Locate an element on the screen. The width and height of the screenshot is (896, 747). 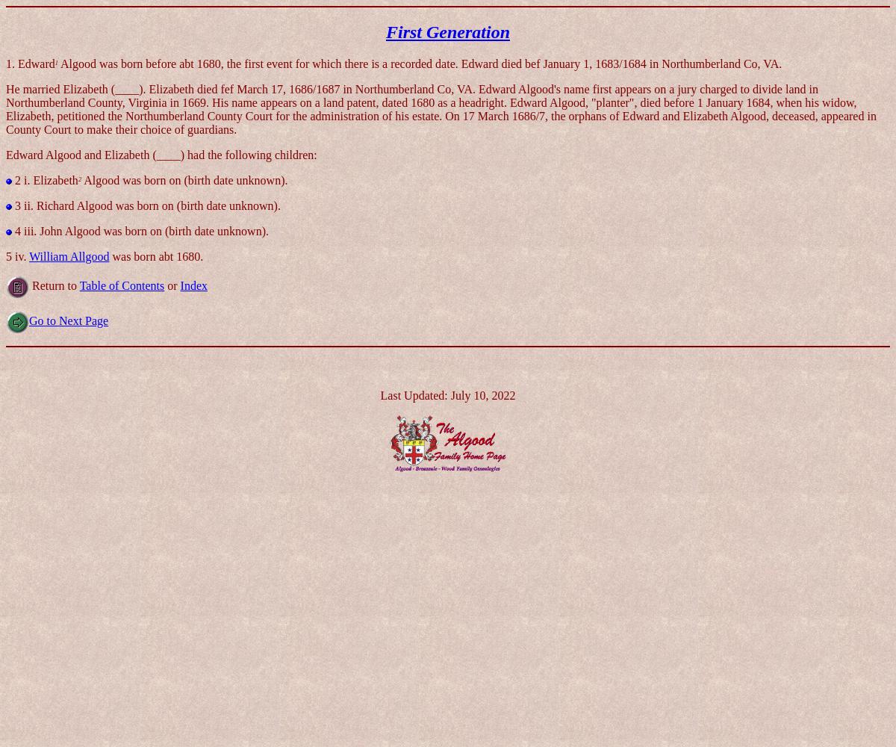
'1' is located at coordinates (56, 61).